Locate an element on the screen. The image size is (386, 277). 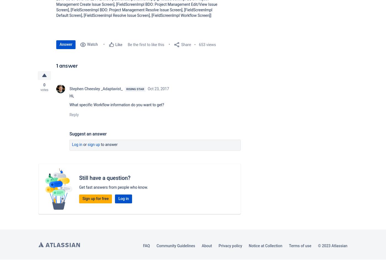
'Community Guidelines' is located at coordinates (176, 245).